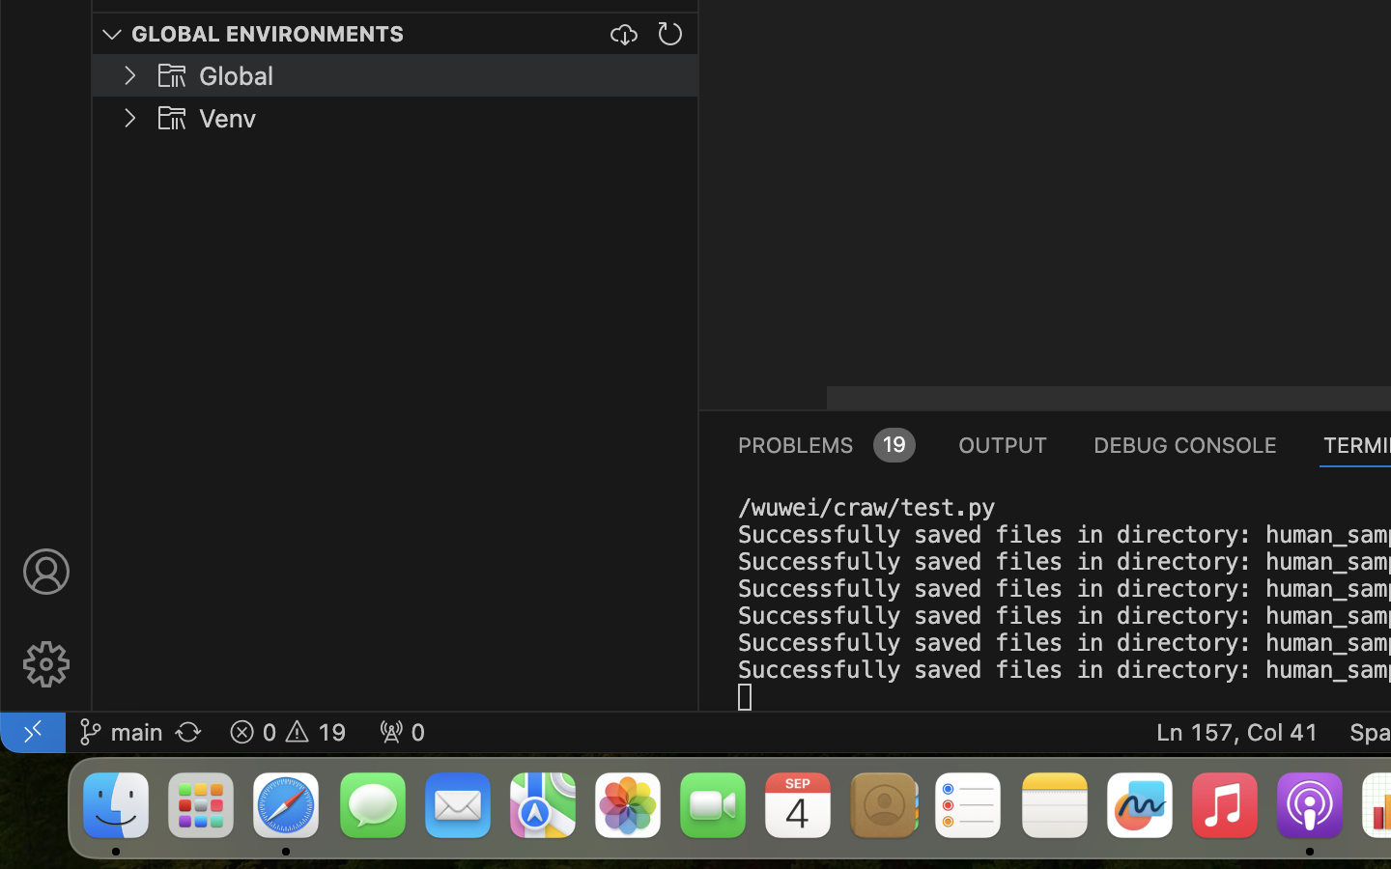 Image resolution: width=1391 pixels, height=869 pixels. Describe the element at coordinates (1184, 442) in the screenshot. I see `'0 DEBUG CONSOLE'` at that location.